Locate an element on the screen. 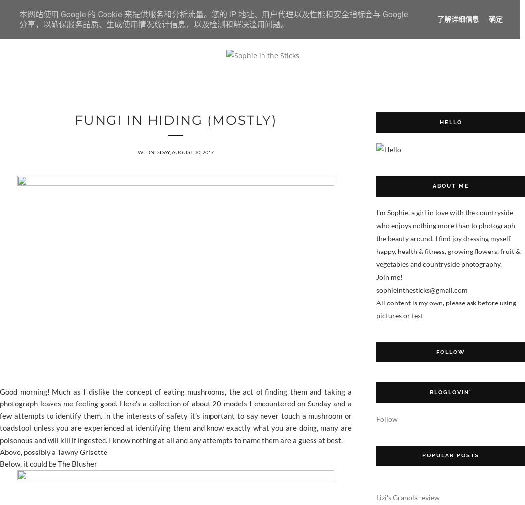 This screenshot has width=525, height=505. 'Below, it could be The Blusher' is located at coordinates (49, 463).